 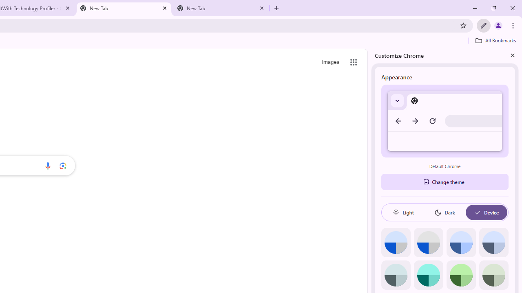 I want to click on 'Minimize', so click(x=475, y=8).